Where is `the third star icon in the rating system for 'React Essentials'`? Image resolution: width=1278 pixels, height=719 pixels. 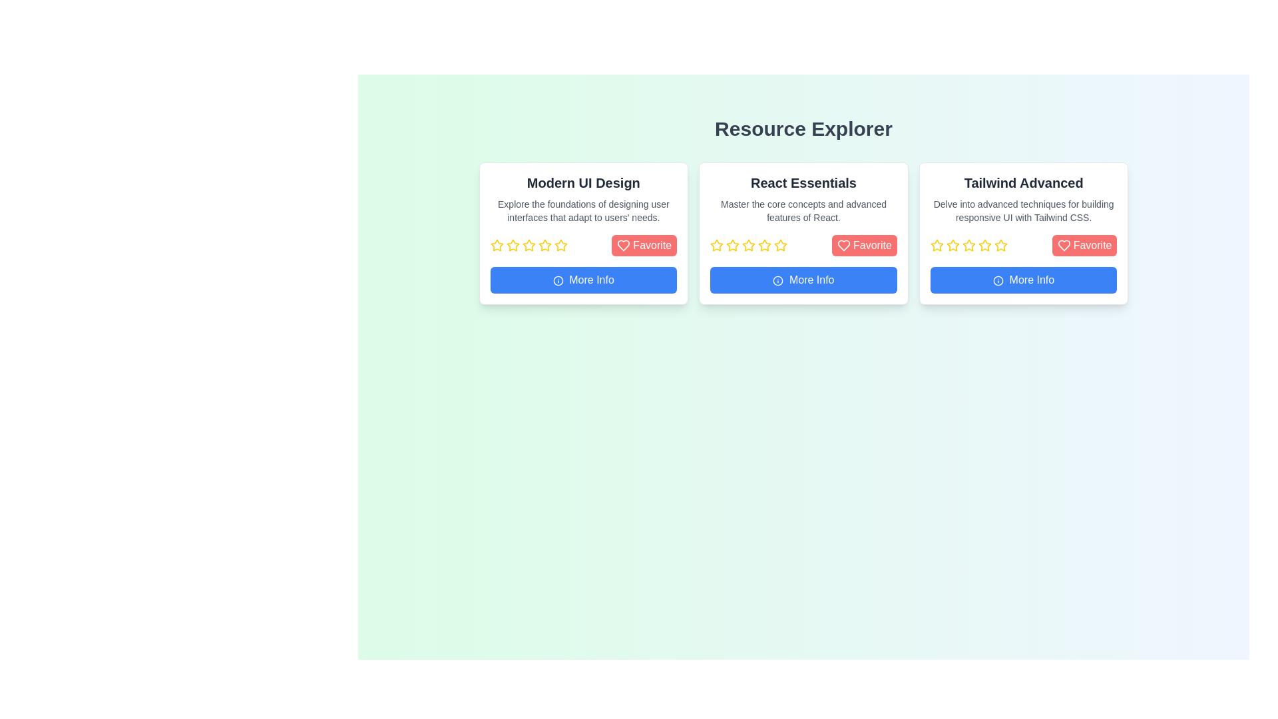
the third star icon in the rating system for 'React Essentials' is located at coordinates (749, 245).